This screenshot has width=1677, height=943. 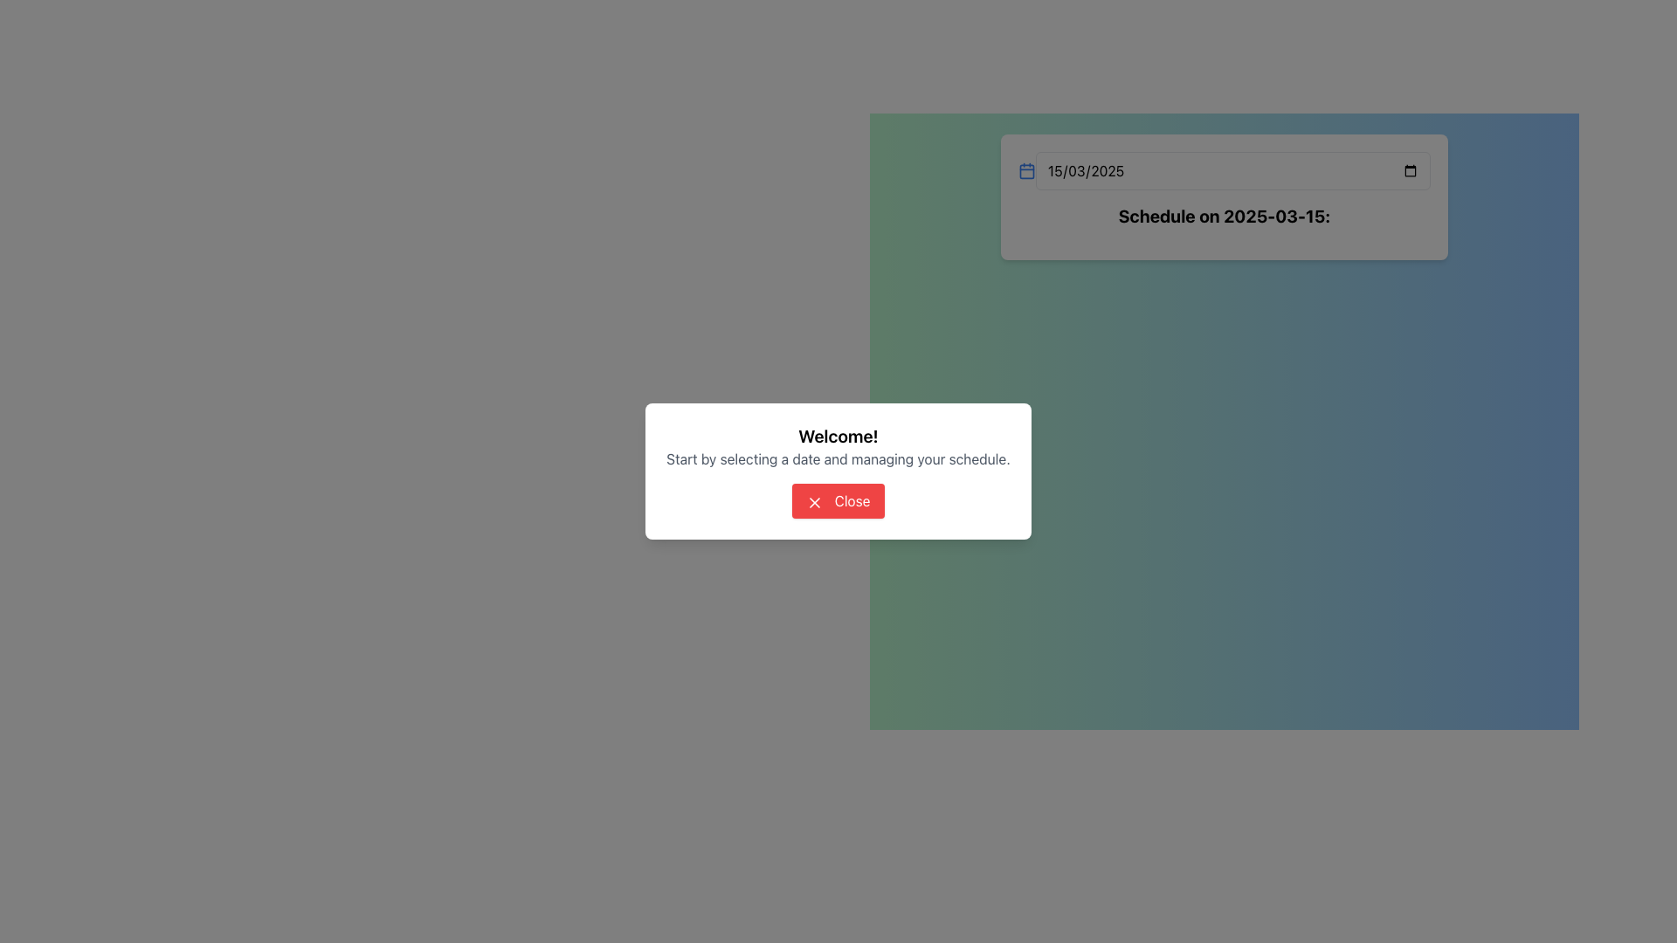 What do you see at coordinates (1027, 171) in the screenshot?
I see `the blue calendar icon located to the left of the date input field` at bounding box center [1027, 171].